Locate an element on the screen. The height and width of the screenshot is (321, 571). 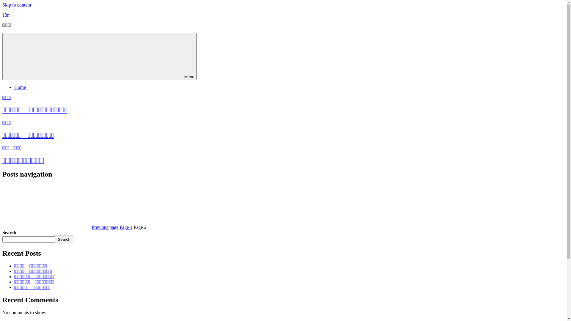
'Page 1' is located at coordinates (126, 227).